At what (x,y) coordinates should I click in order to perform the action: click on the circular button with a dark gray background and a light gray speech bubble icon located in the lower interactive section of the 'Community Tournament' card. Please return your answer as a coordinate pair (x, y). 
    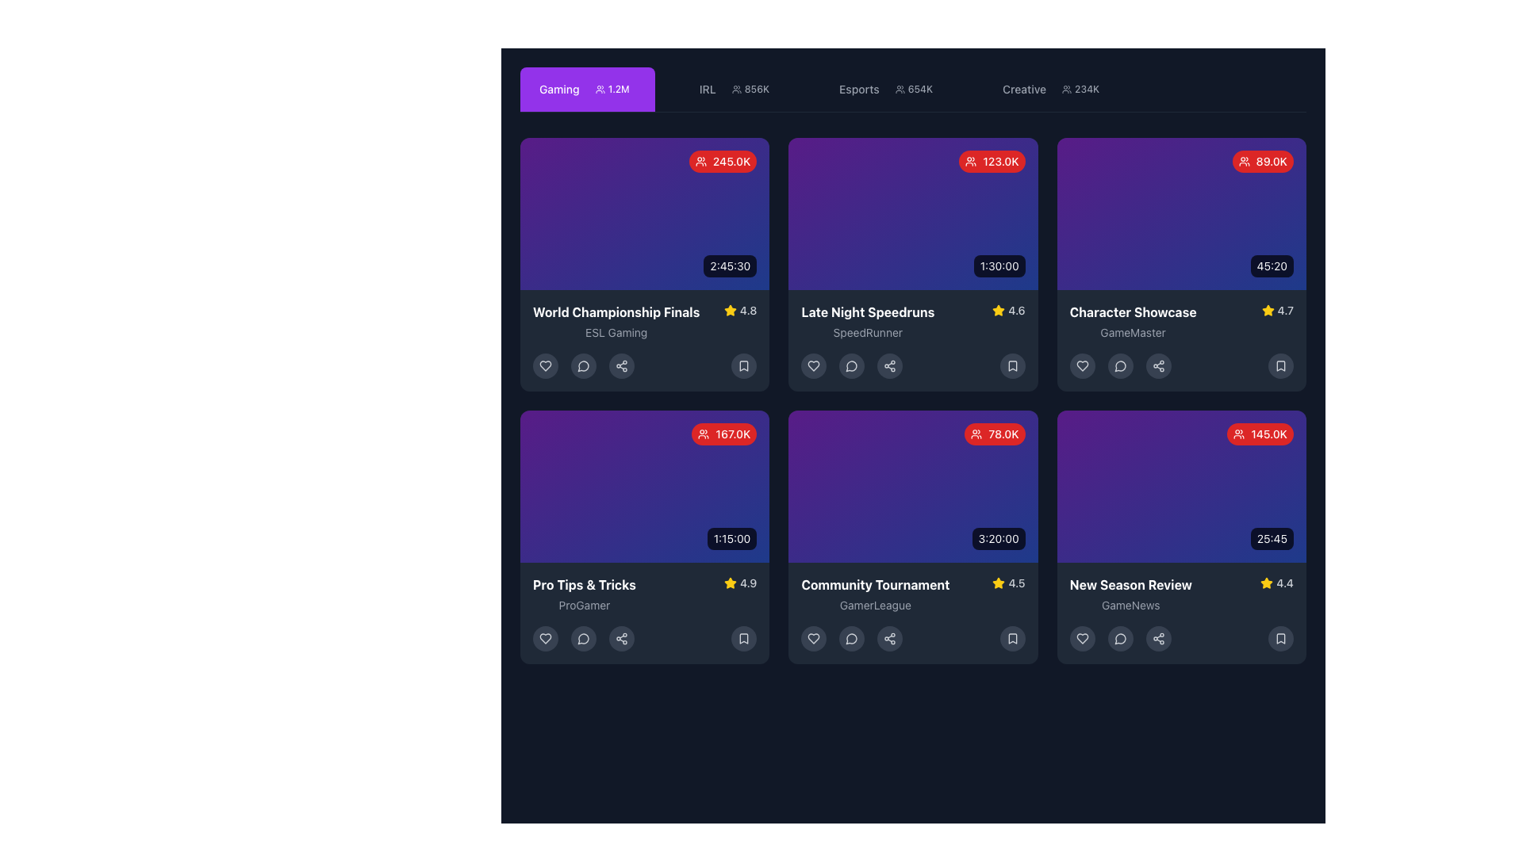
    Looking at the image, I should click on (851, 638).